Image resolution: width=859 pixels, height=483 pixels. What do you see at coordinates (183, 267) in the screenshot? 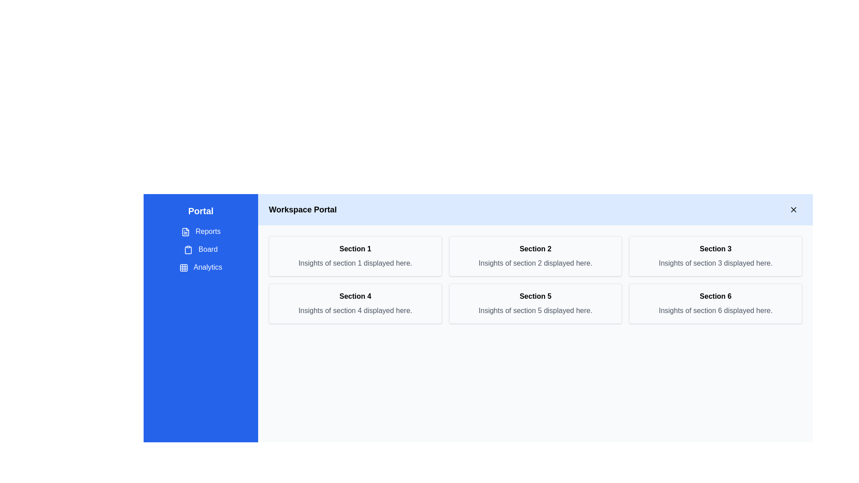
I see `the square-shaped button in the blue sidebar next` at bounding box center [183, 267].